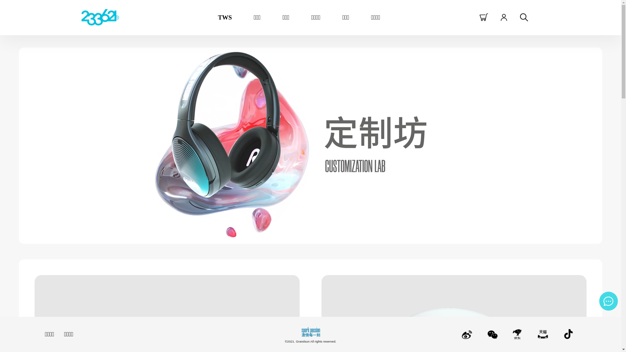 Image resolution: width=626 pixels, height=352 pixels. What do you see at coordinates (225, 17) in the screenshot?
I see `'TWS'` at bounding box center [225, 17].